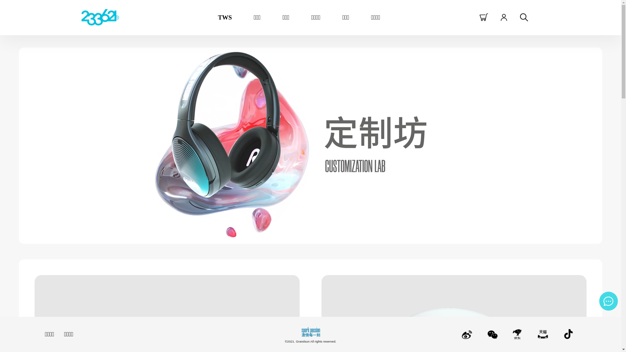 Image resolution: width=626 pixels, height=352 pixels. What do you see at coordinates (225, 17) in the screenshot?
I see `'TWS'` at bounding box center [225, 17].